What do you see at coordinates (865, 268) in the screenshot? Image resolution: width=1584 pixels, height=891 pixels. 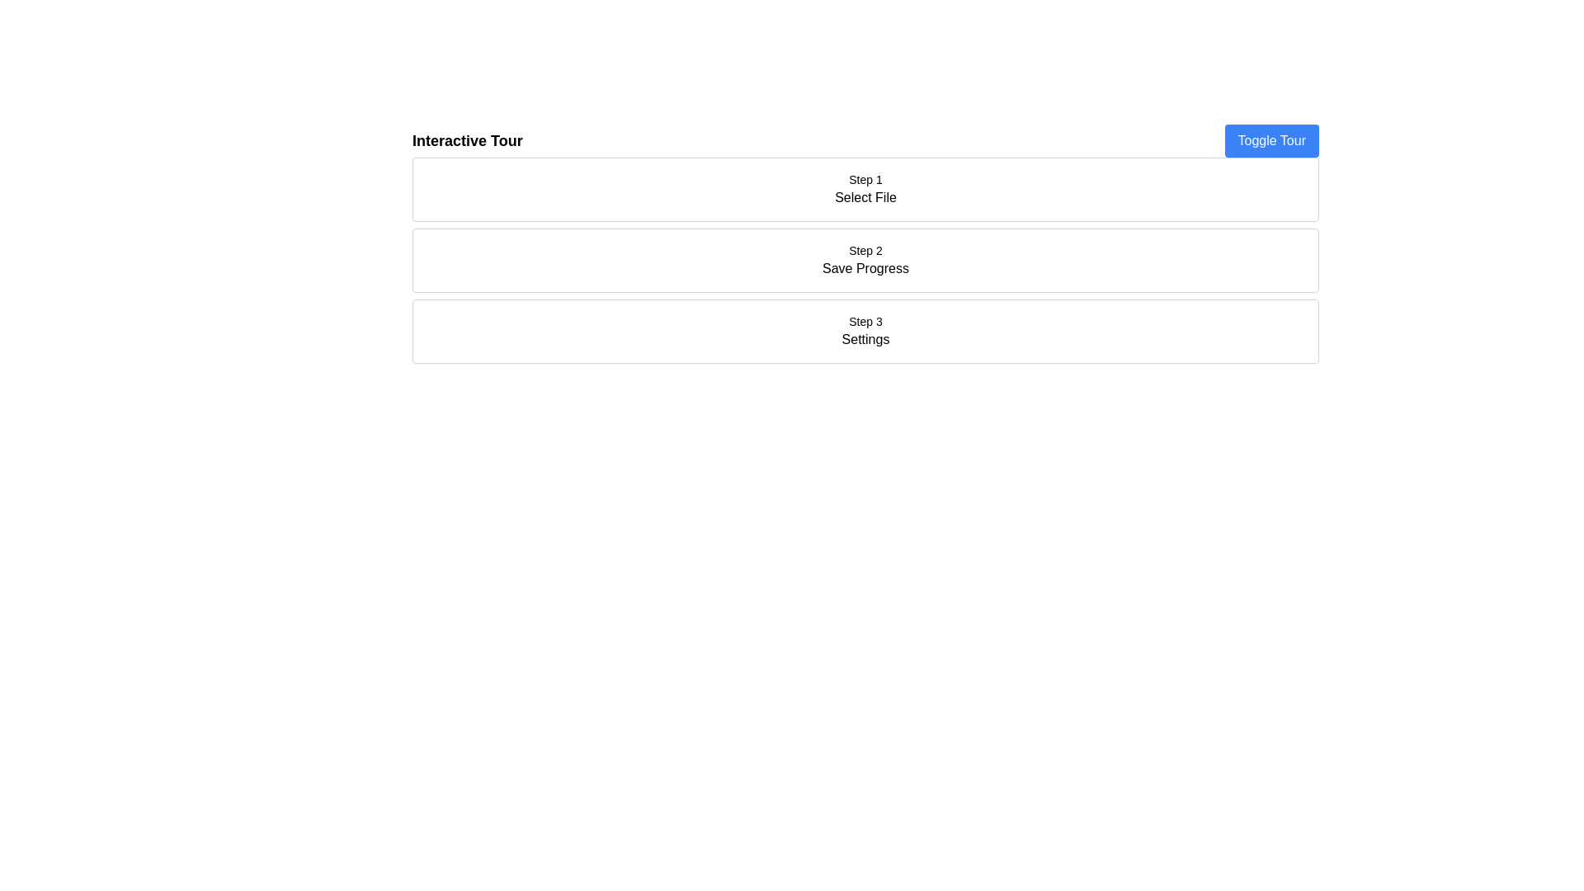 I see `the 'Save Progress' static text label, which is styled in a standard sans-serif font and positioned beneath the 'Step 2' title` at bounding box center [865, 268].